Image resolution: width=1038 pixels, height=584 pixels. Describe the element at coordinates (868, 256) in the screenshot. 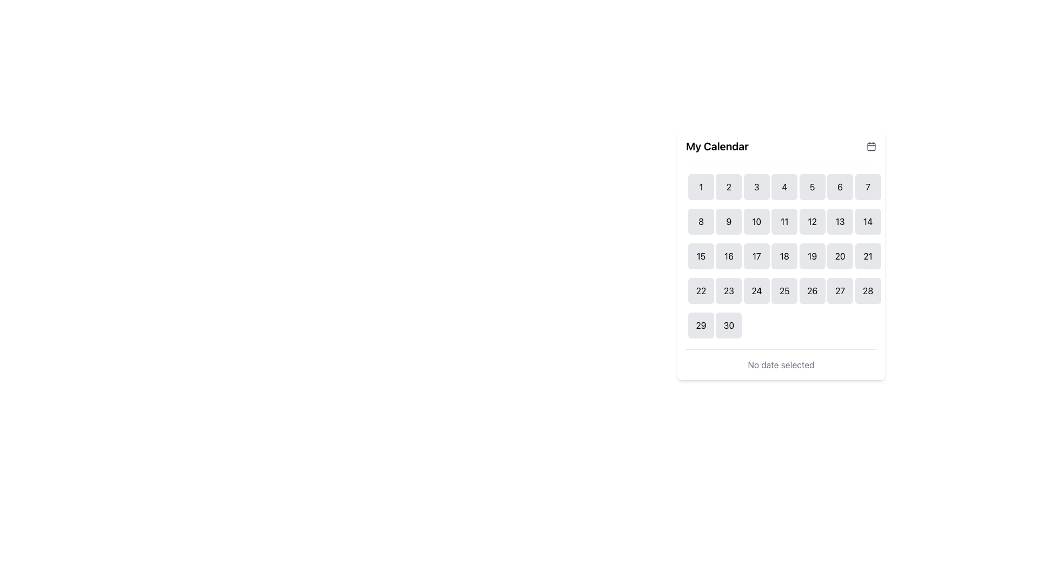

I see `the button representing the 21st day` at that location.